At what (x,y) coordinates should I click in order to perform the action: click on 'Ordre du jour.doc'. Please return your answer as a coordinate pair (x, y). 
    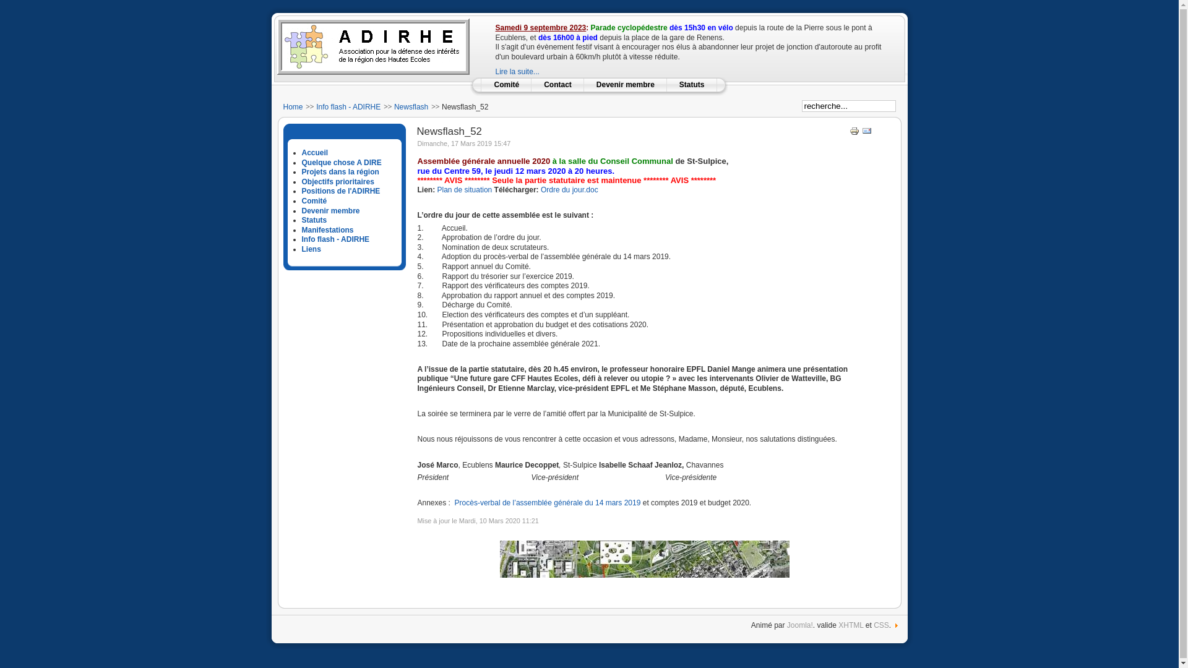
    Looking at the image, I should click on (569, 190).